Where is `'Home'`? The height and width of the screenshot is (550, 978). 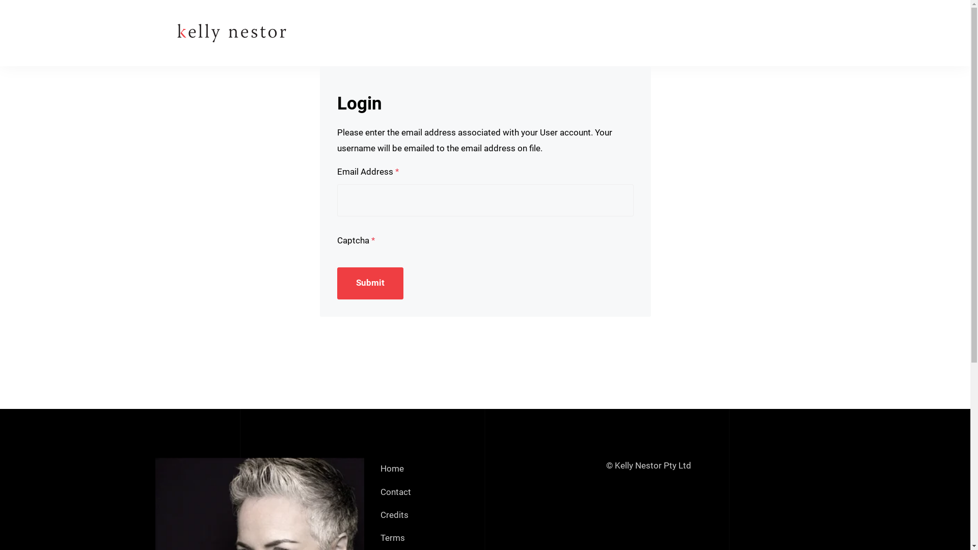 'Home' is located at coordinates (391, 469).